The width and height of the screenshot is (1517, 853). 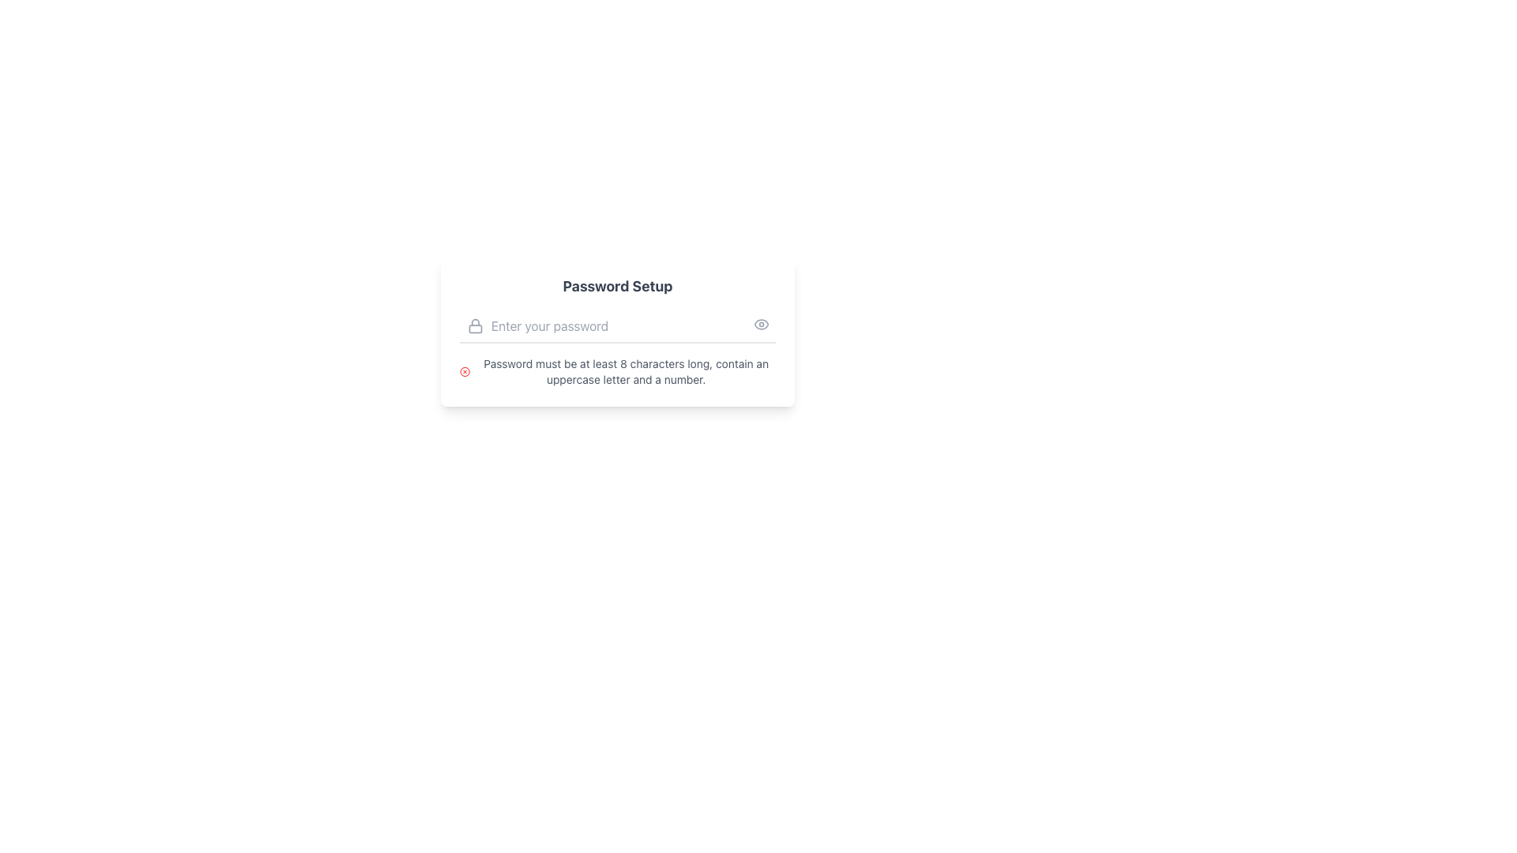 I want to click on the bottom part of the lock graphic represented by the rectangular SVG shape, which indicates the locked state of the password field, so click(x=474, y=328).